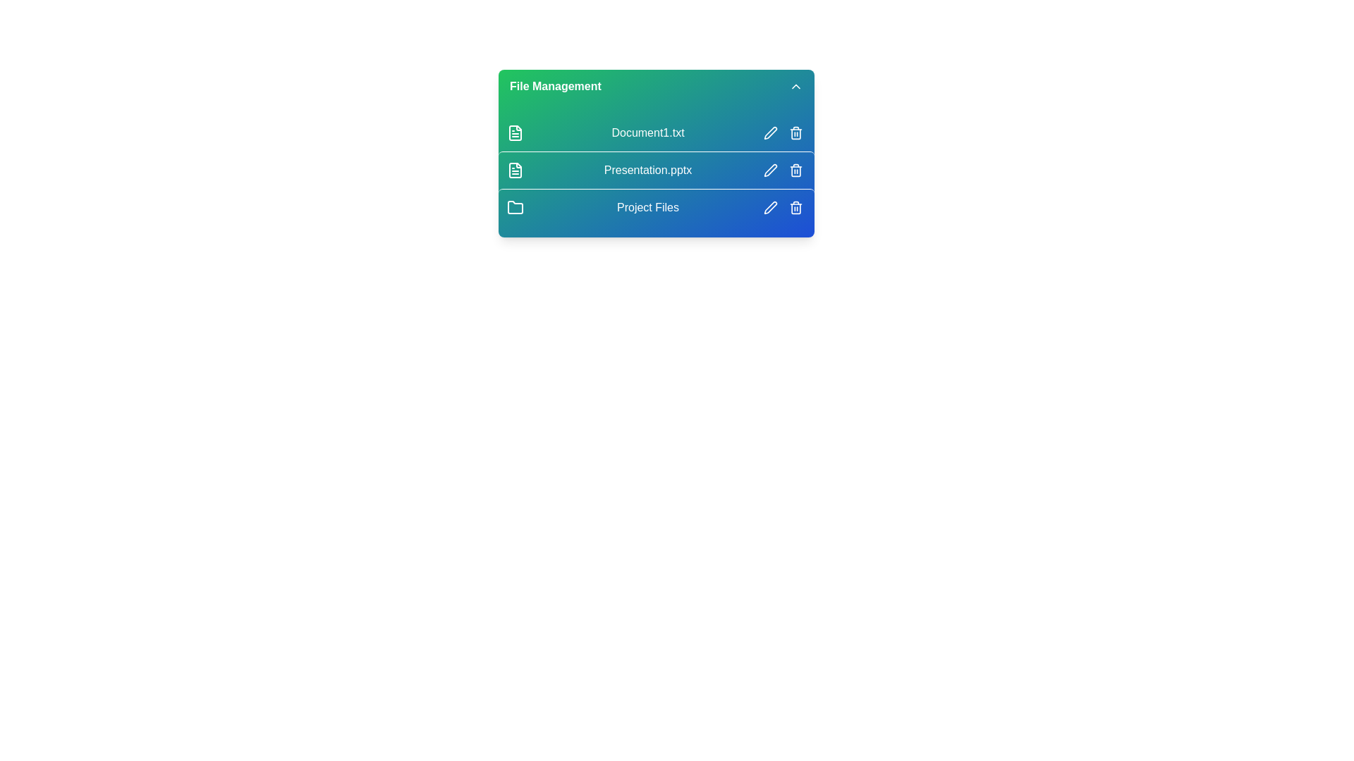  Describe the element at coordinates (656, 207) in the screenshot. I see `the file or folder identified by Project Files` at that location.